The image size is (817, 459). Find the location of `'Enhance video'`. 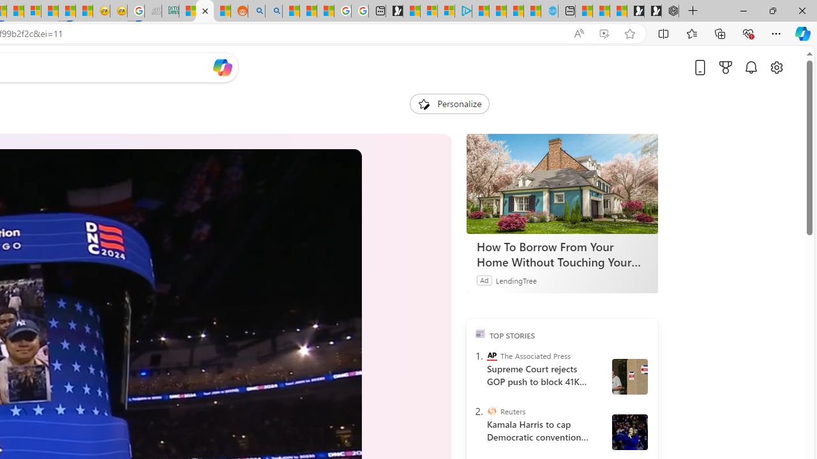

'Enhance video' is located at coordinates (603, 33).